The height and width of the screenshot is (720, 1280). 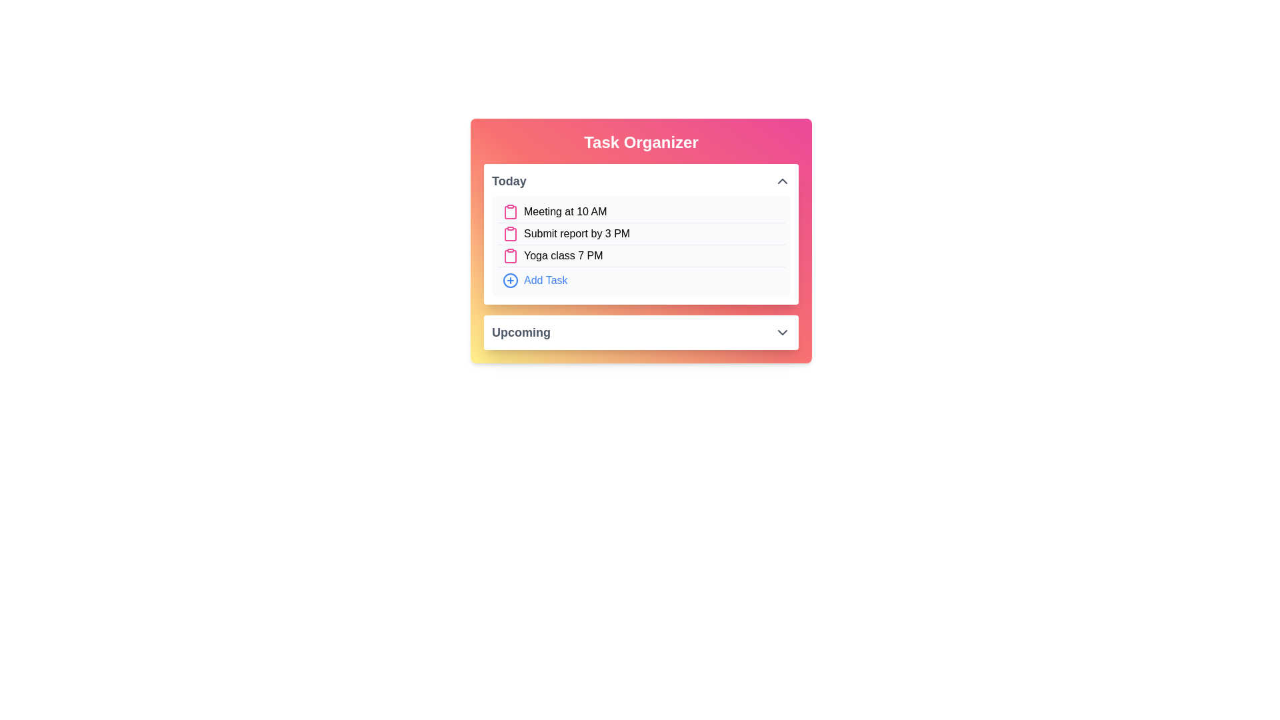 What do you see at coordinates (641, 331) in the screenshot?
I see `the dropdown button located at the bottom of the task organizer card interface` at bounding box center [641, 331].